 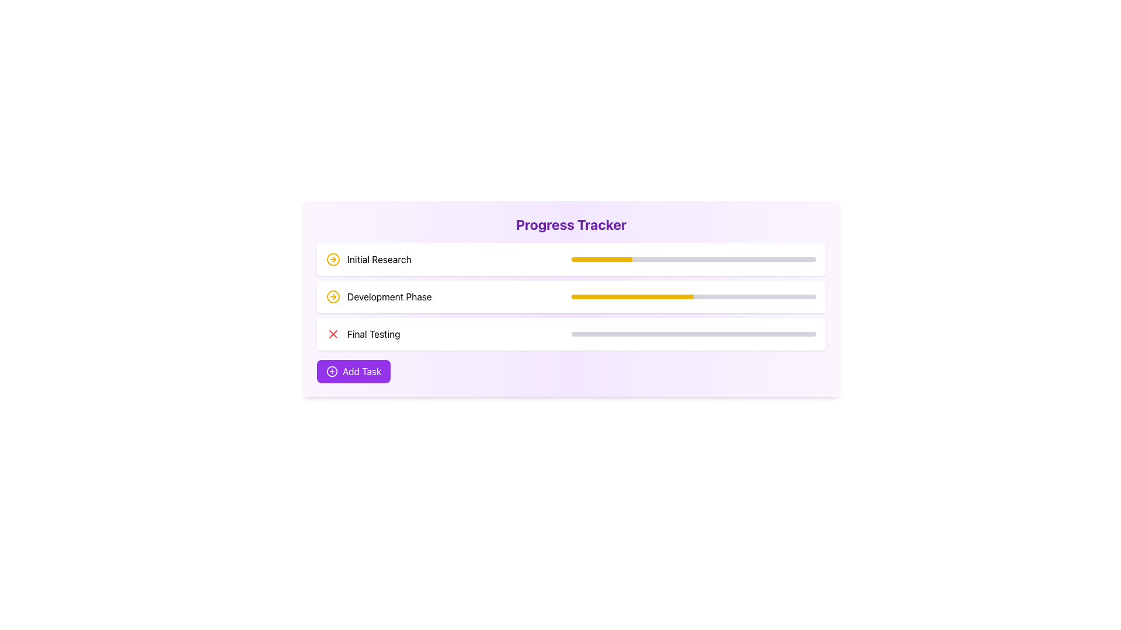 What do you see at coordinates (694, 296) in the screenshot?
I see `the Progress bar indicating the completion percentage for the 'Development Phase', located in the second row of the progress tracker layout` at bounding box center [694, 296].